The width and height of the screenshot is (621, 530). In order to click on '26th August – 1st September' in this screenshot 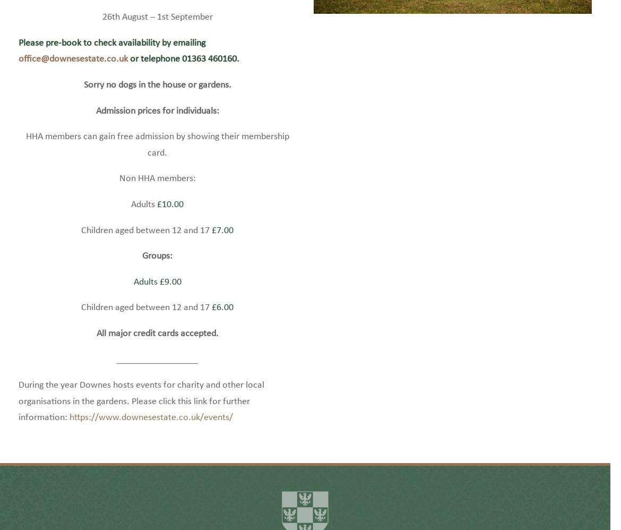, I will do `click(157, 32)`.